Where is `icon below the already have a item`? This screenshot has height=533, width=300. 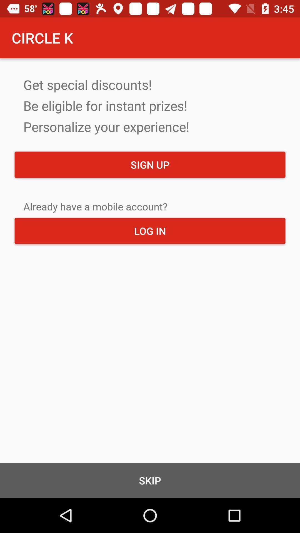 icon below the already have a item is located at coordinates (150, 231).